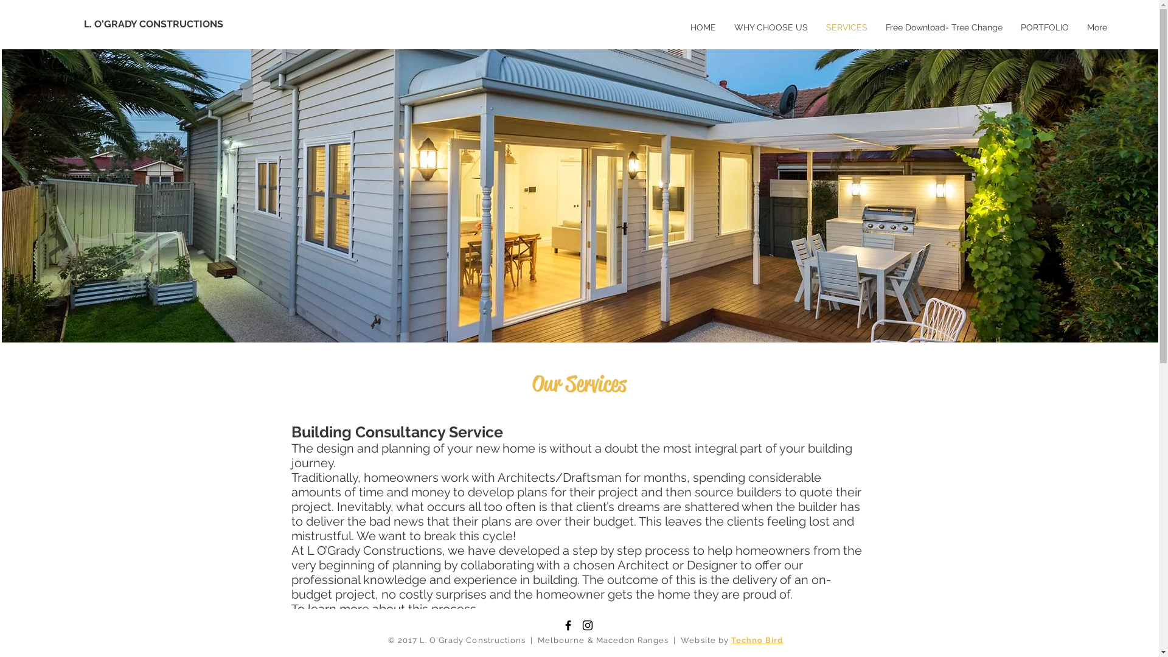 The width and height of the screenshot is (1168, 657). What do you see at coordinates (943, 27) in the screenshot?
I see `'Free Download- Tree Change'` at bounding box center [943, 27].